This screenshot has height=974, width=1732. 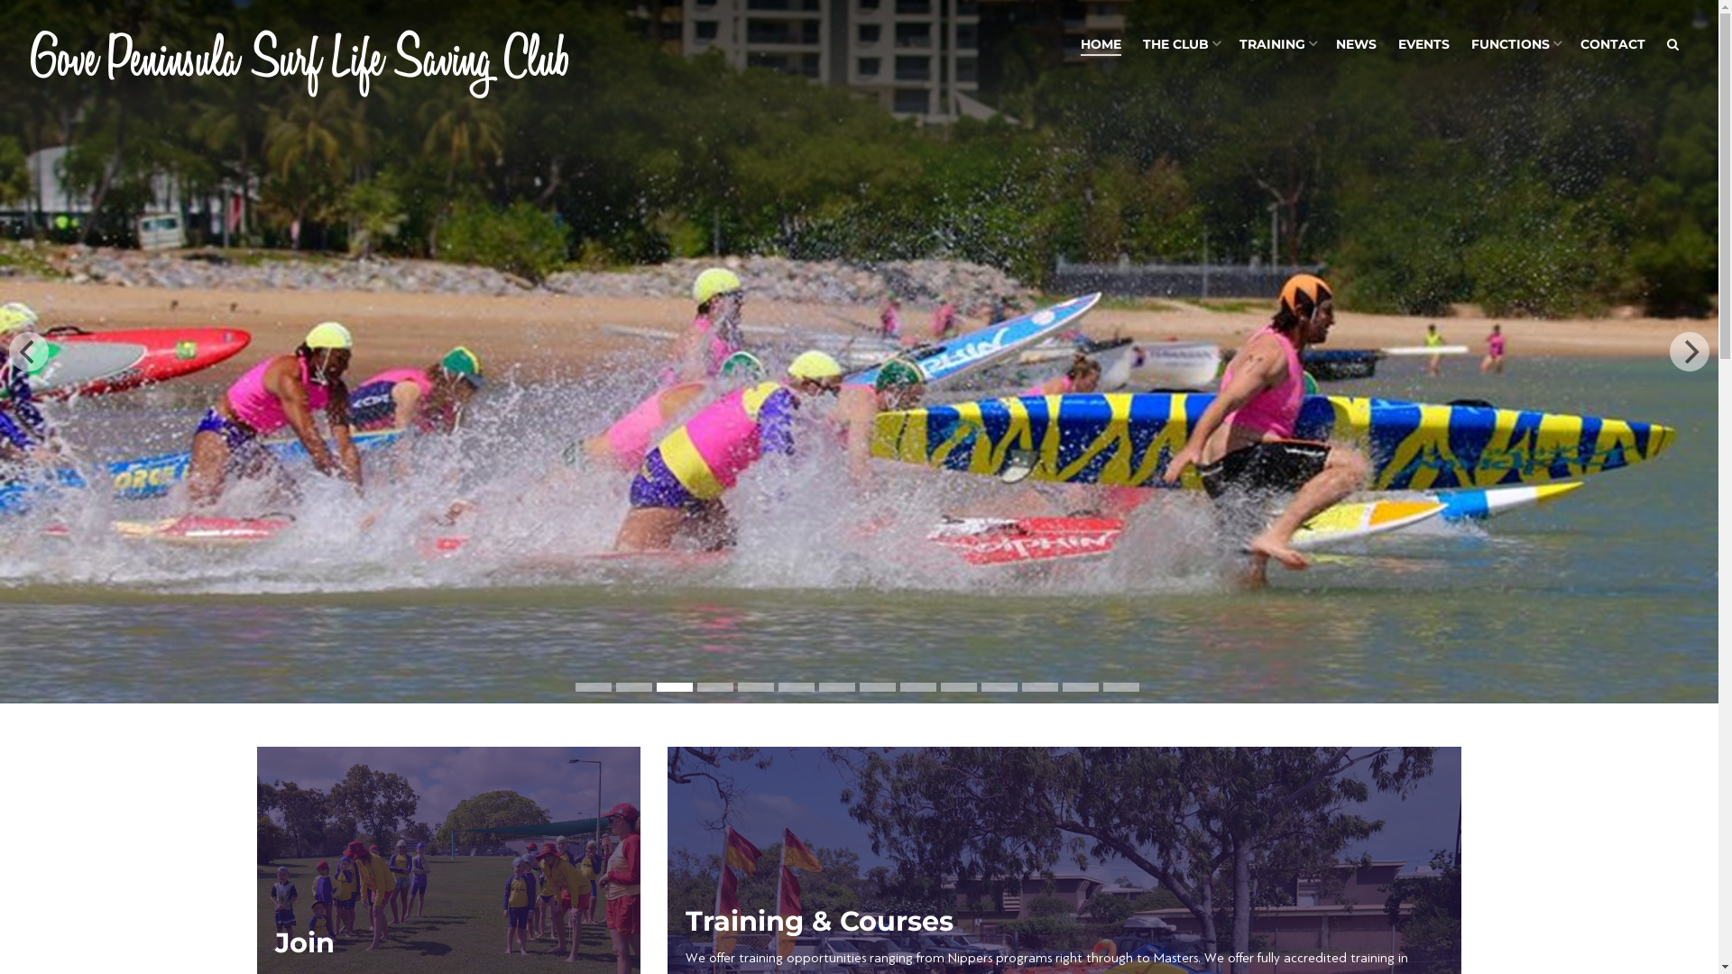 I want to click on 'Search', so click(x=1672, y=43).